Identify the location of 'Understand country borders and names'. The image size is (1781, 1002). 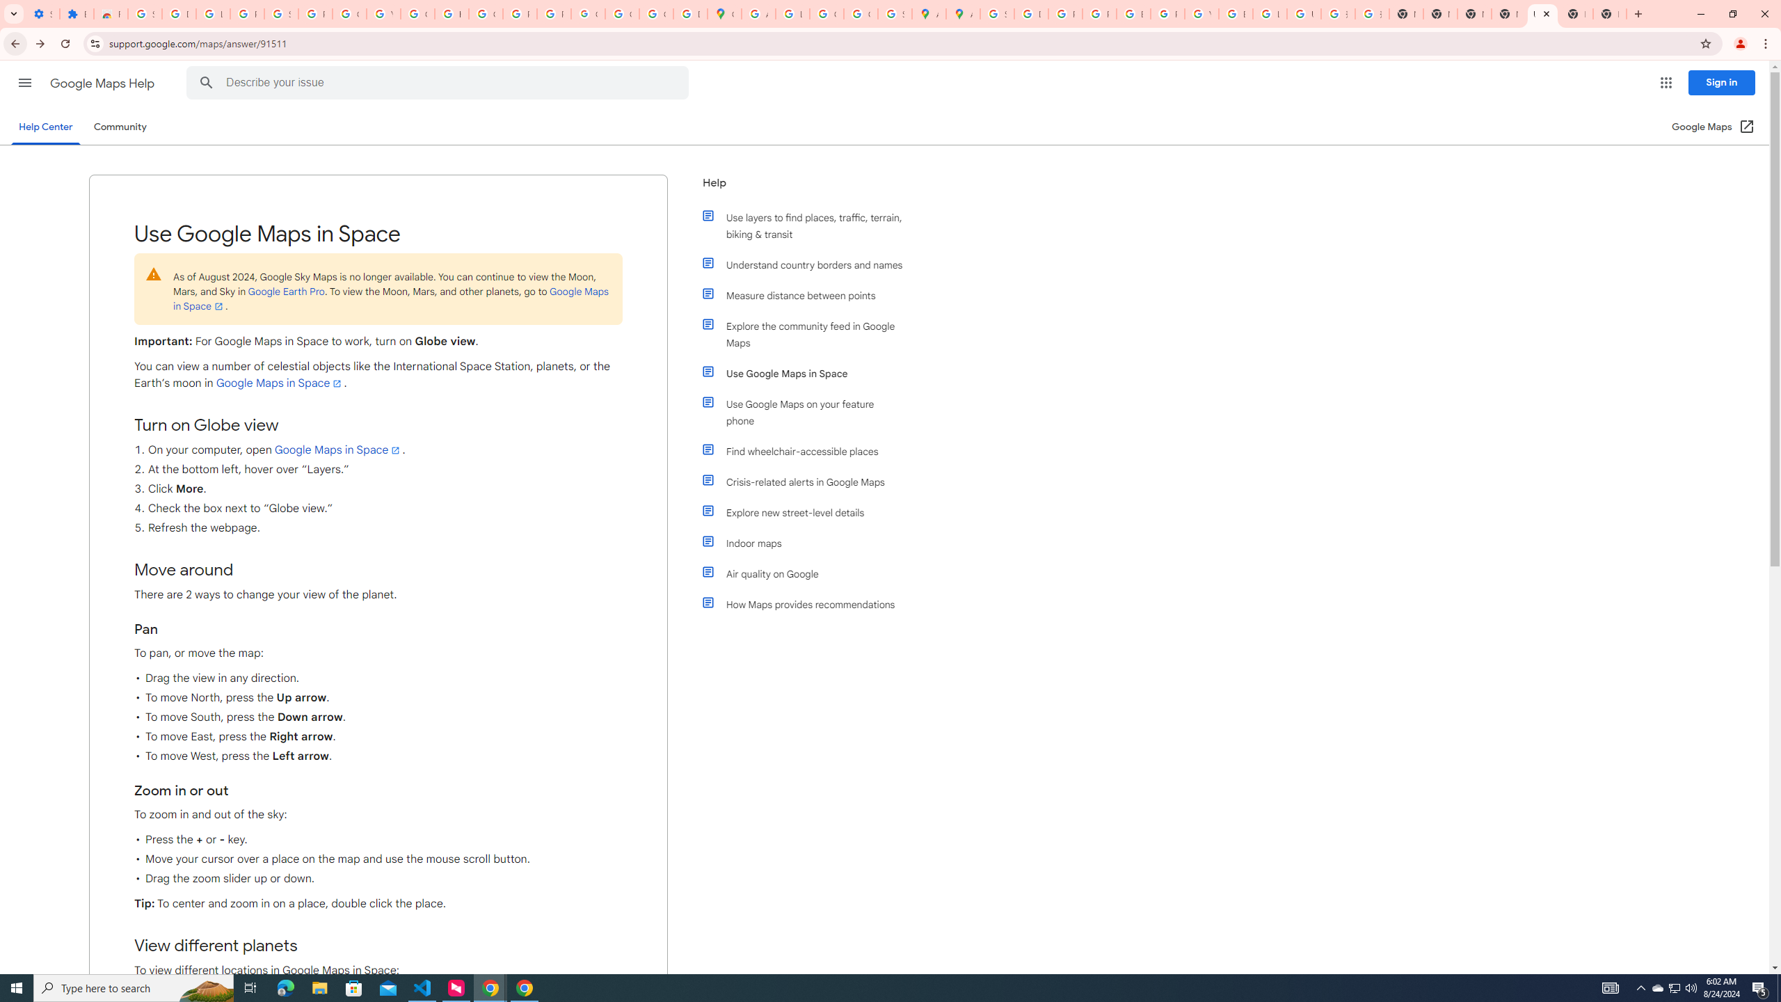
(808, 264).